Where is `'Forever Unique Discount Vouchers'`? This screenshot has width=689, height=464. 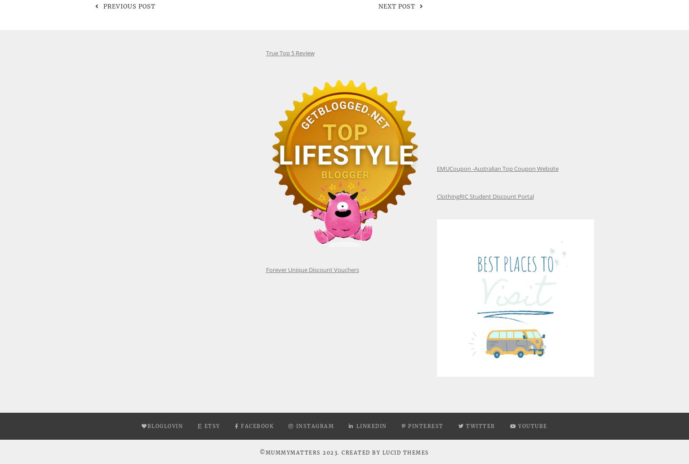
'Forever Unique Discount Vouchers' is located at coordinates (312, 270).